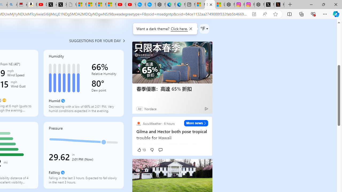  Describe the element at coordinates (105, 91) in the screenshot. I see `'Dew point'` at that location.